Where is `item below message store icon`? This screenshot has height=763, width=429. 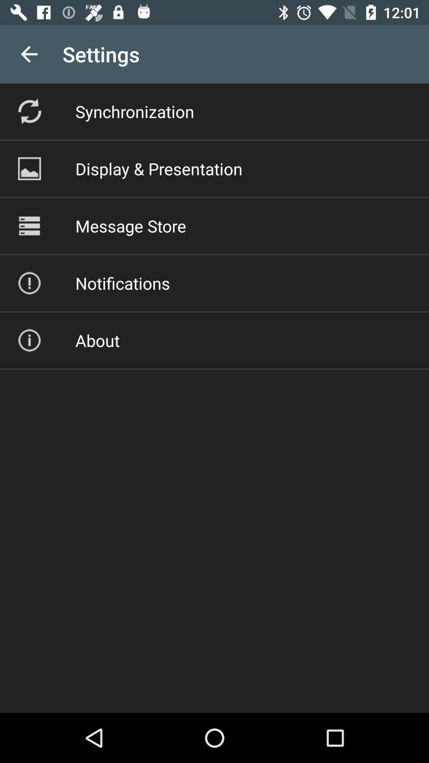
item below message store icon is located at coordinates (122, 283).